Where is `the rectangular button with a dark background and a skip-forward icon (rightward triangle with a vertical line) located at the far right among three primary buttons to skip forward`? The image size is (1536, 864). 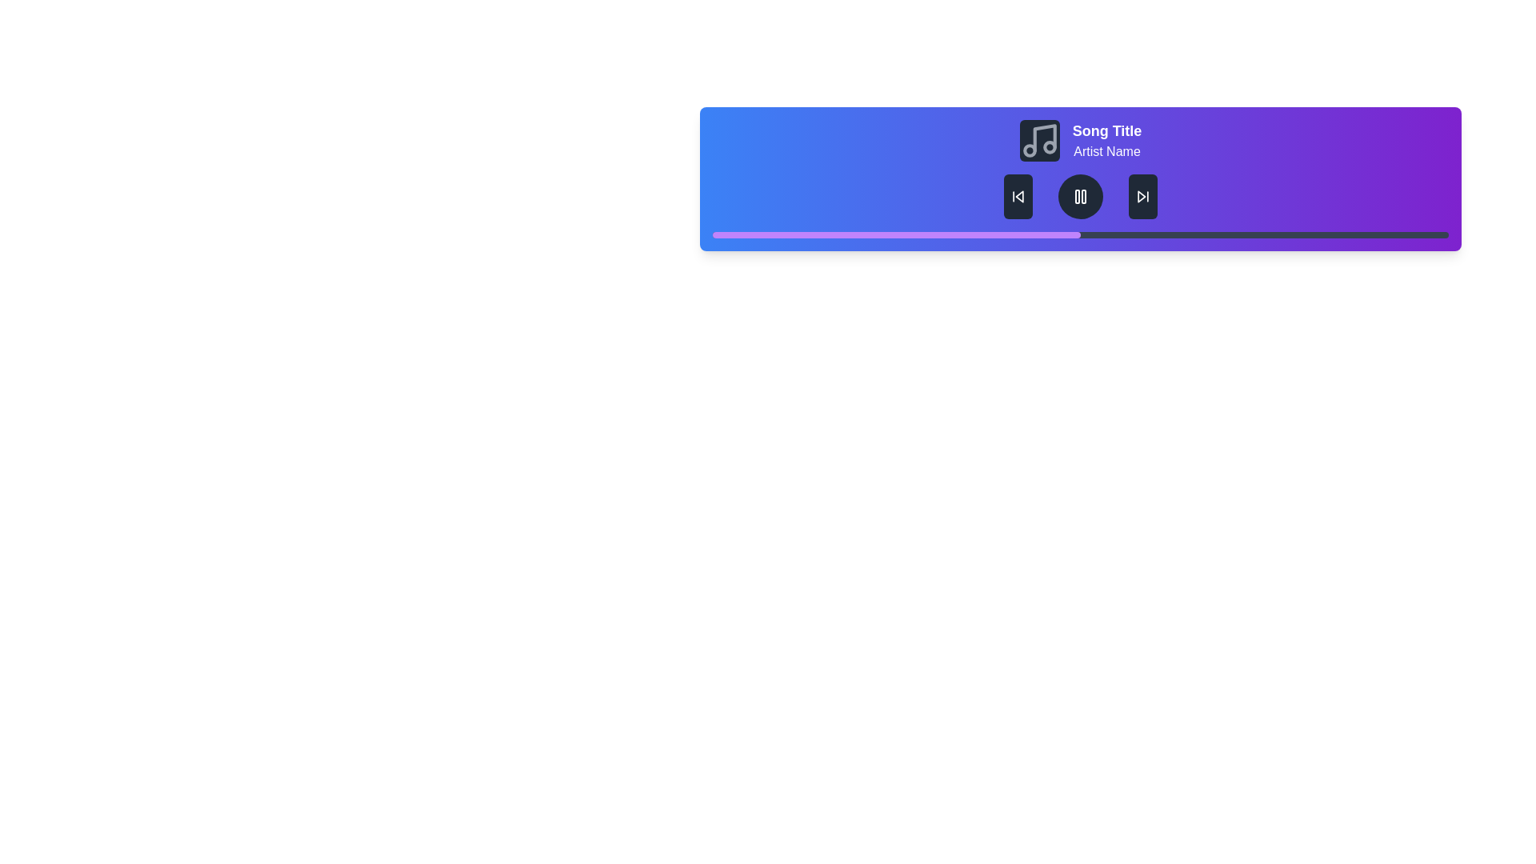 the rectangular button with a dark background and a skip-forward icon (rightward triangle with a vertical line) located at the far right among three primary buttons to skip forward is located at coordinates (1142, 196).